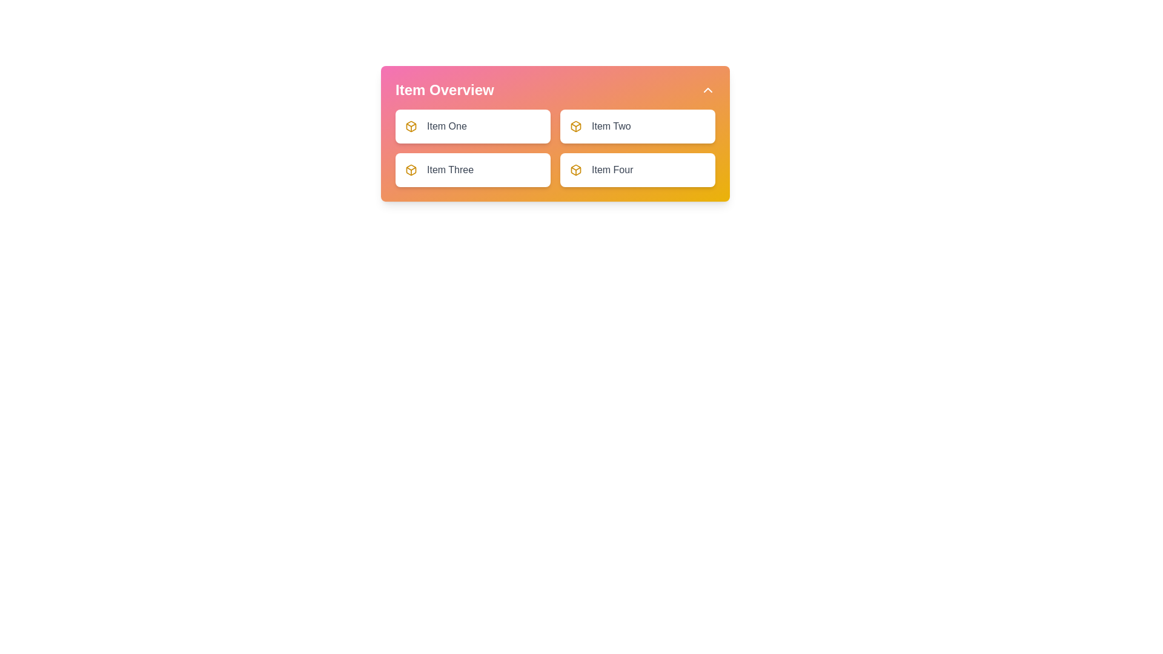  I want to click on the static text label displaying 'Item Three' located in the lower-left section of the 'Item Overview' grid, positioned to the right of a box icon, so click(449, 170).